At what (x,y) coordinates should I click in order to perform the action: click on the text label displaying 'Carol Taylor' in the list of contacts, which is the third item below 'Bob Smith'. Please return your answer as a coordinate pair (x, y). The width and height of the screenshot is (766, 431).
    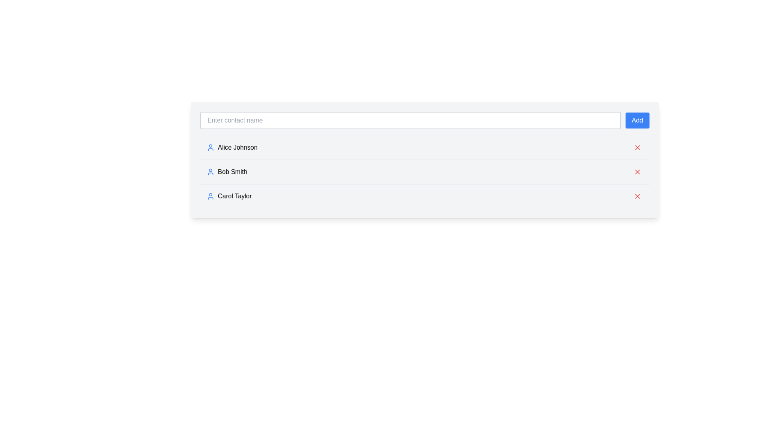
    Looking at the image, I should click on (234, 196).